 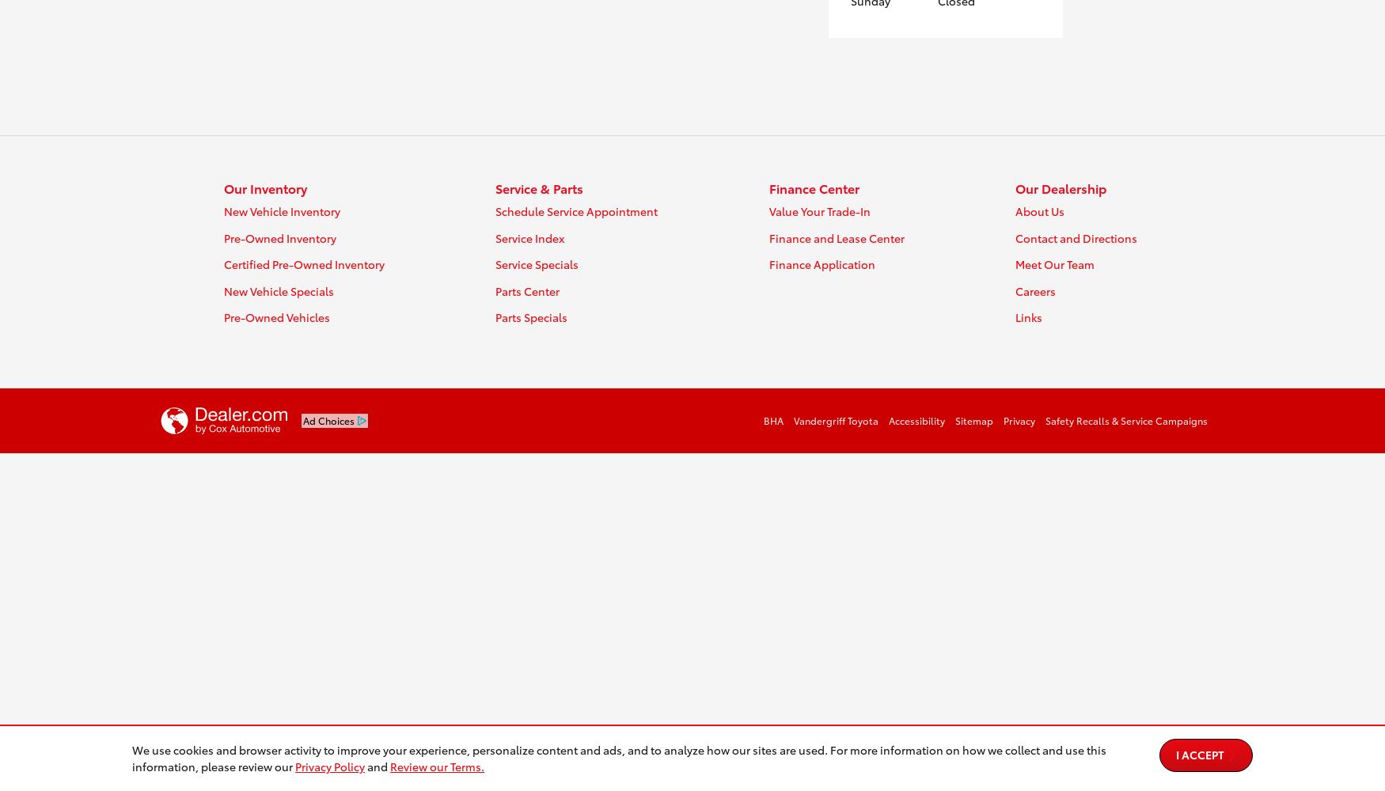 What do you see at coordinates (916, 419) in the screenshot?
I see `'Accessibility'` at bounding box center [916, 419].